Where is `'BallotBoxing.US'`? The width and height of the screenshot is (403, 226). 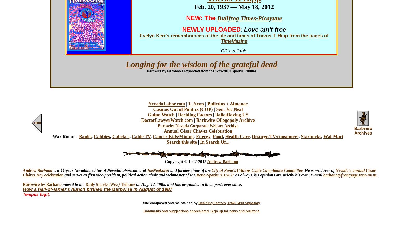
'BallotBoxing.US' is located at coordinates (231, 114).